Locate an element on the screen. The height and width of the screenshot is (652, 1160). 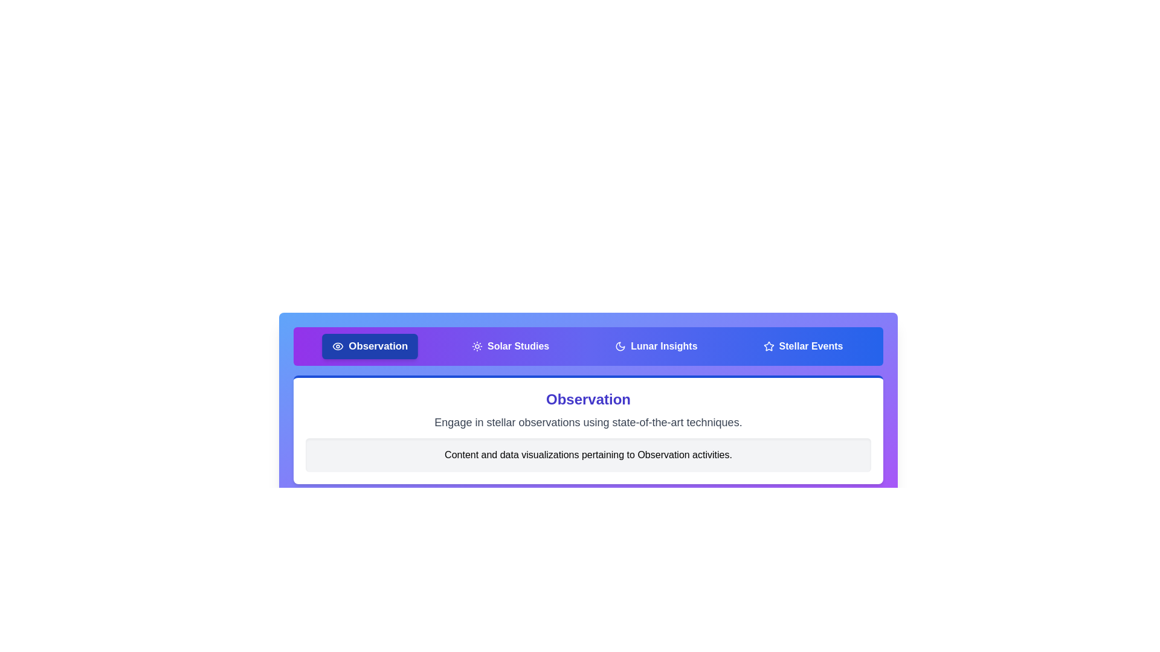
the tab corresponding to Lunar Insights to view its content is located at coordinates (655, 347).